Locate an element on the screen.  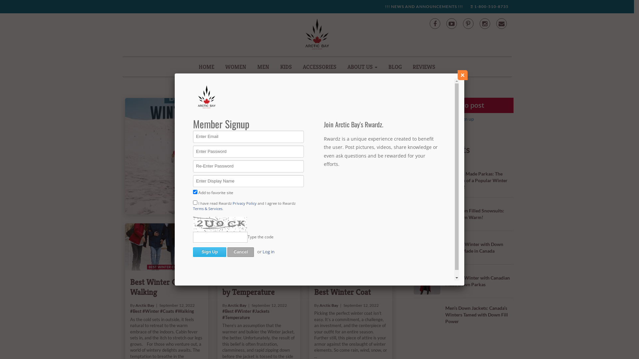
'Close' is located at coordinates (462, 75).